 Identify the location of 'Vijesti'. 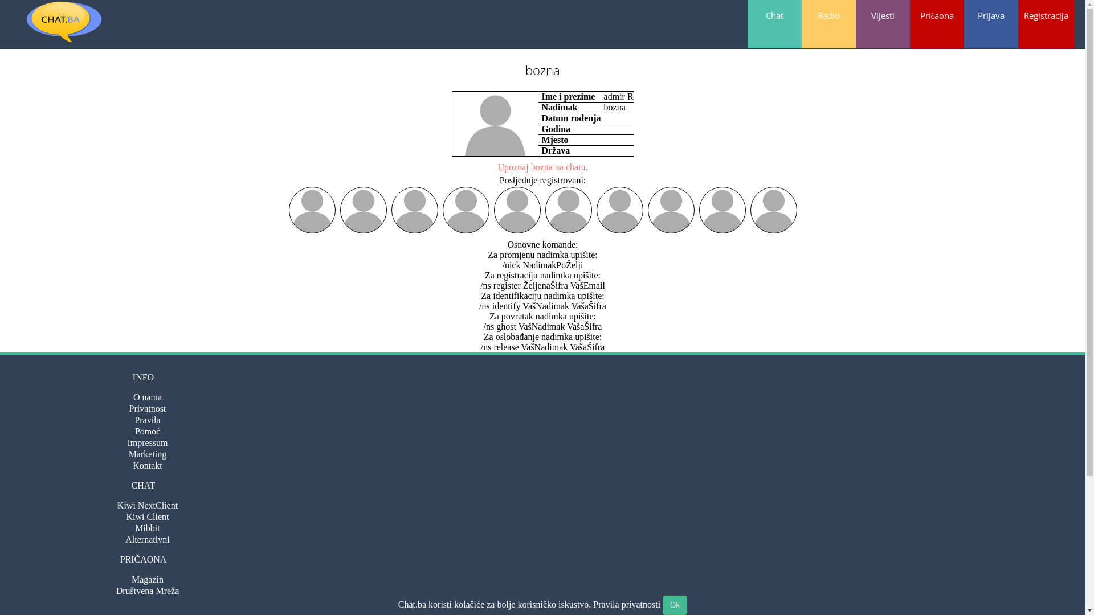
(882, 24).